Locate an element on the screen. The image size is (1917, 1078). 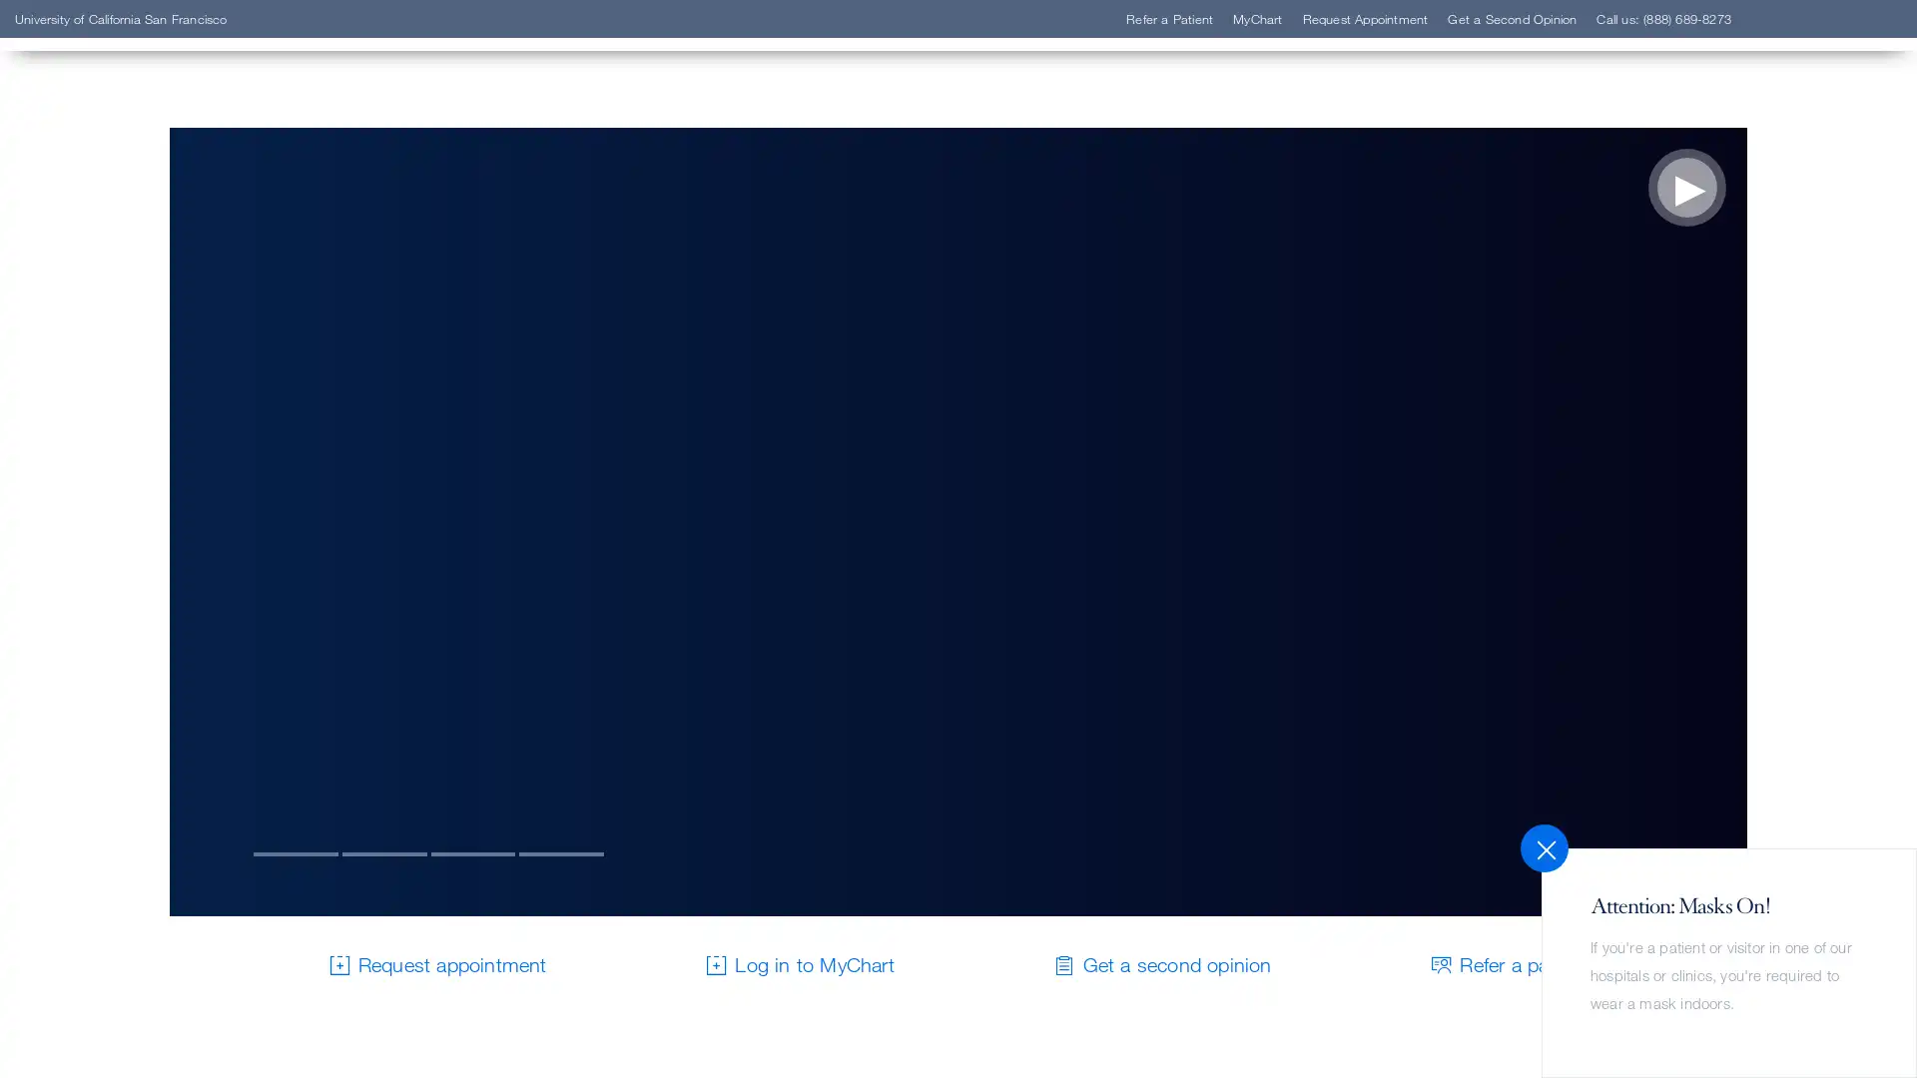
Locations & Directions is located at coordinates (178, 442).